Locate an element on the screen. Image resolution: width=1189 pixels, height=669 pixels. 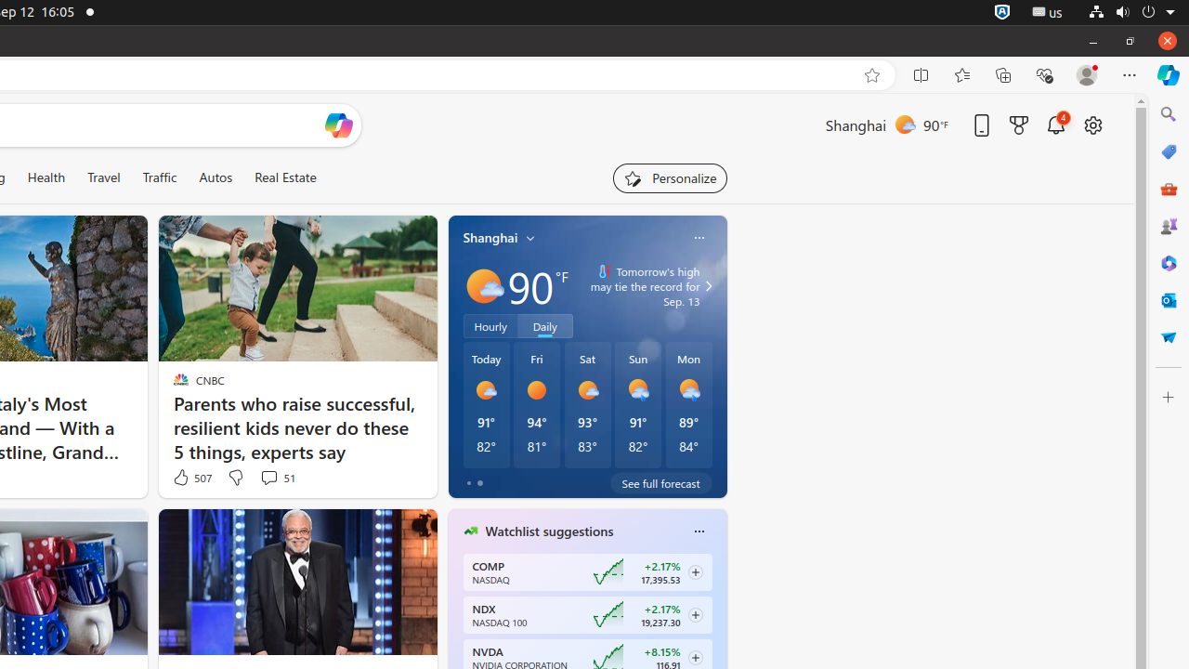
'COMP NASDAQ ‎+2.17%‎ 17,395.53' is located at coordinates (586, 571).